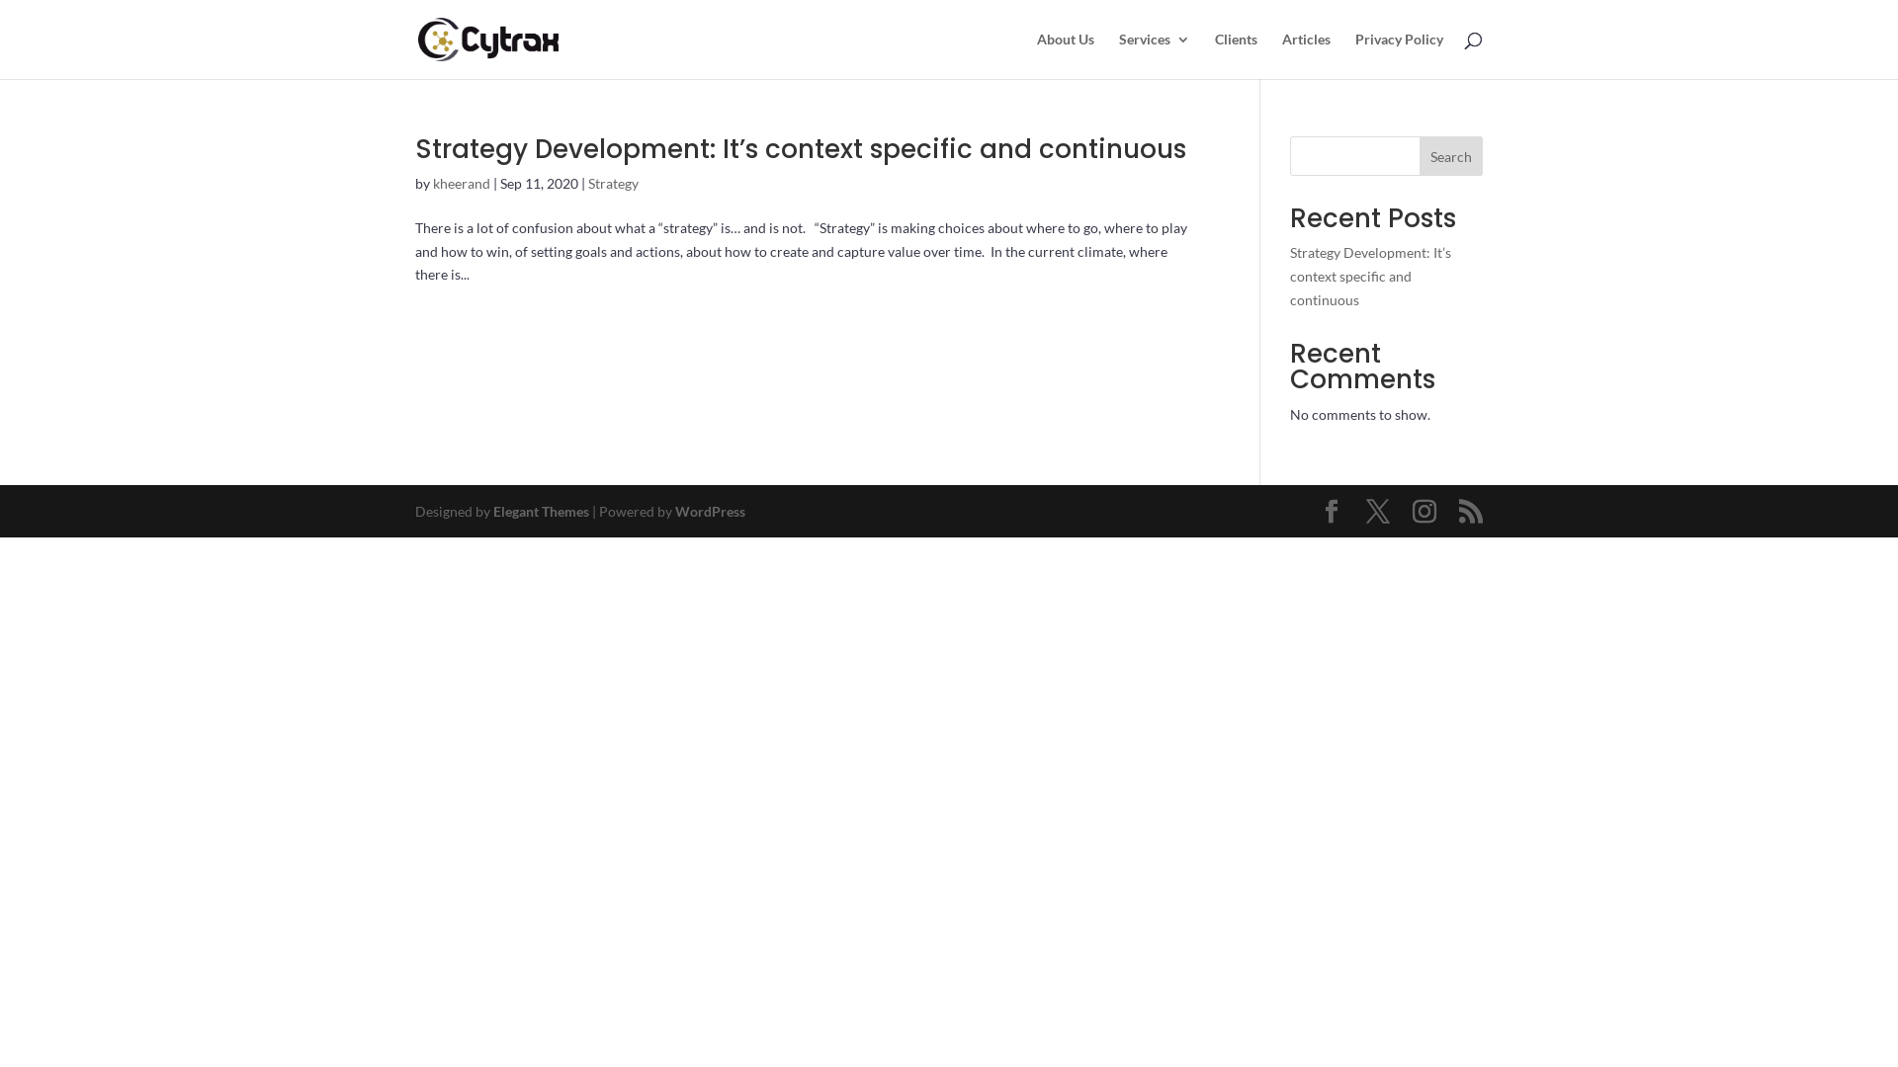  What do you see at coordinates (1451, 155) in the screenshot?
I see `'Search'` at bounding box center [1451, 155].